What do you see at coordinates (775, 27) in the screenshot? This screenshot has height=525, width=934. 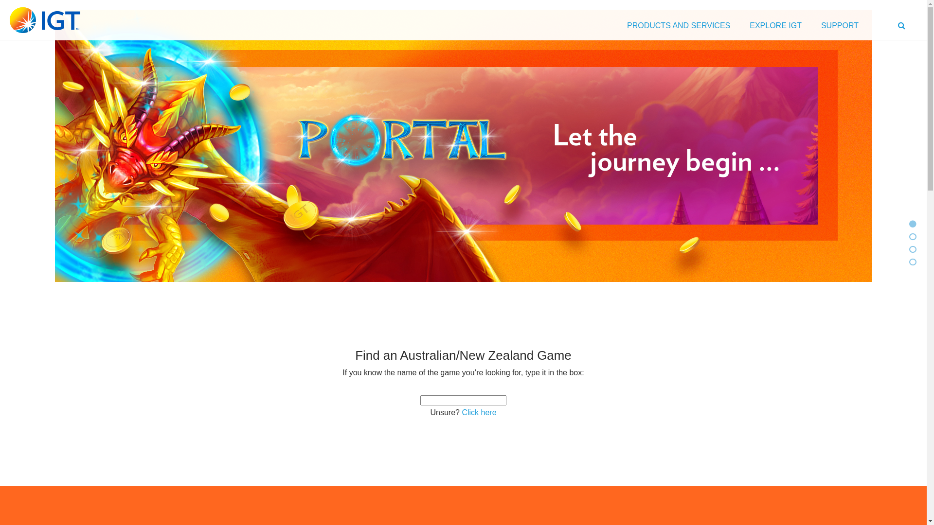 I see `'EXPLORE IGT'` at bounding box center [775, 27].